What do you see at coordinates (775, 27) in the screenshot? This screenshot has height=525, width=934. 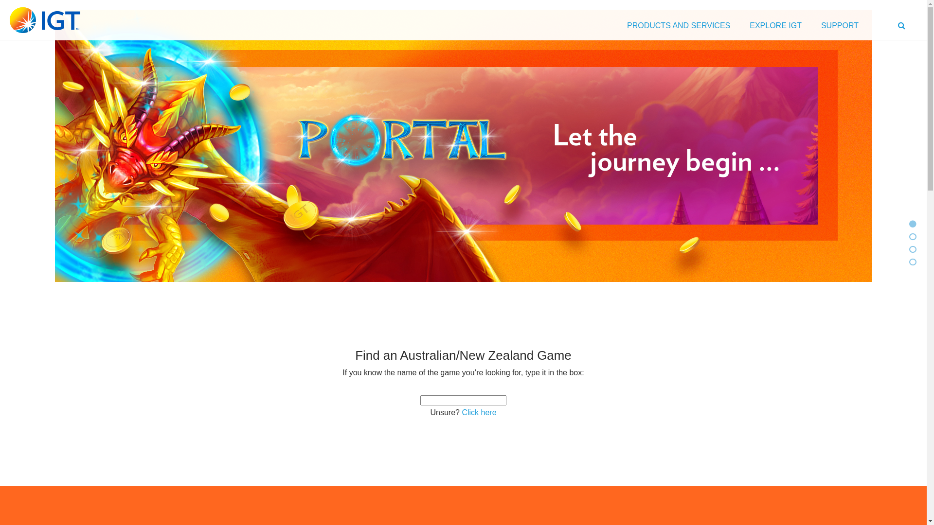 I see `'EXPLORE IGT'` at bounding box center [775, 27].